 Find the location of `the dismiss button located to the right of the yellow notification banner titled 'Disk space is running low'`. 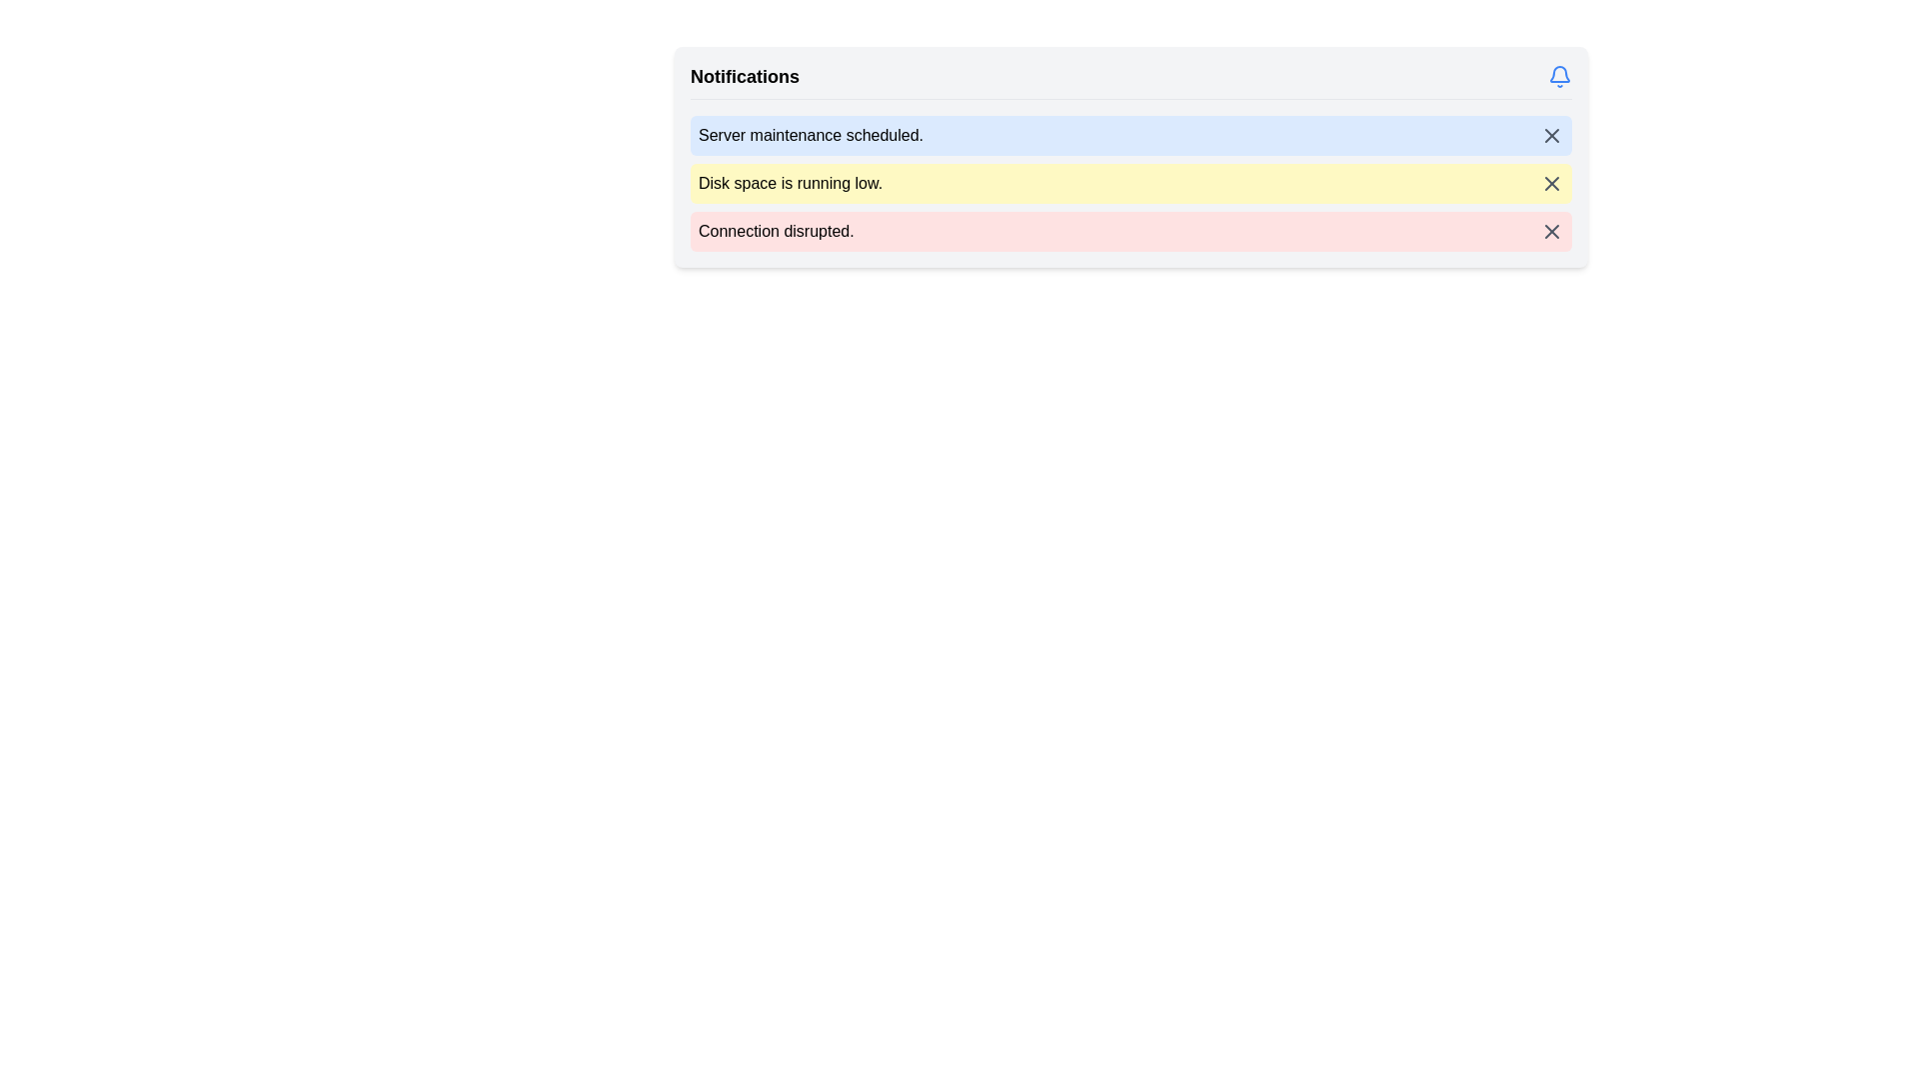

the dismiss button located to the right of the yellow notification banner titled 'Disk space is running low' is located at coordinates (1551, 184).